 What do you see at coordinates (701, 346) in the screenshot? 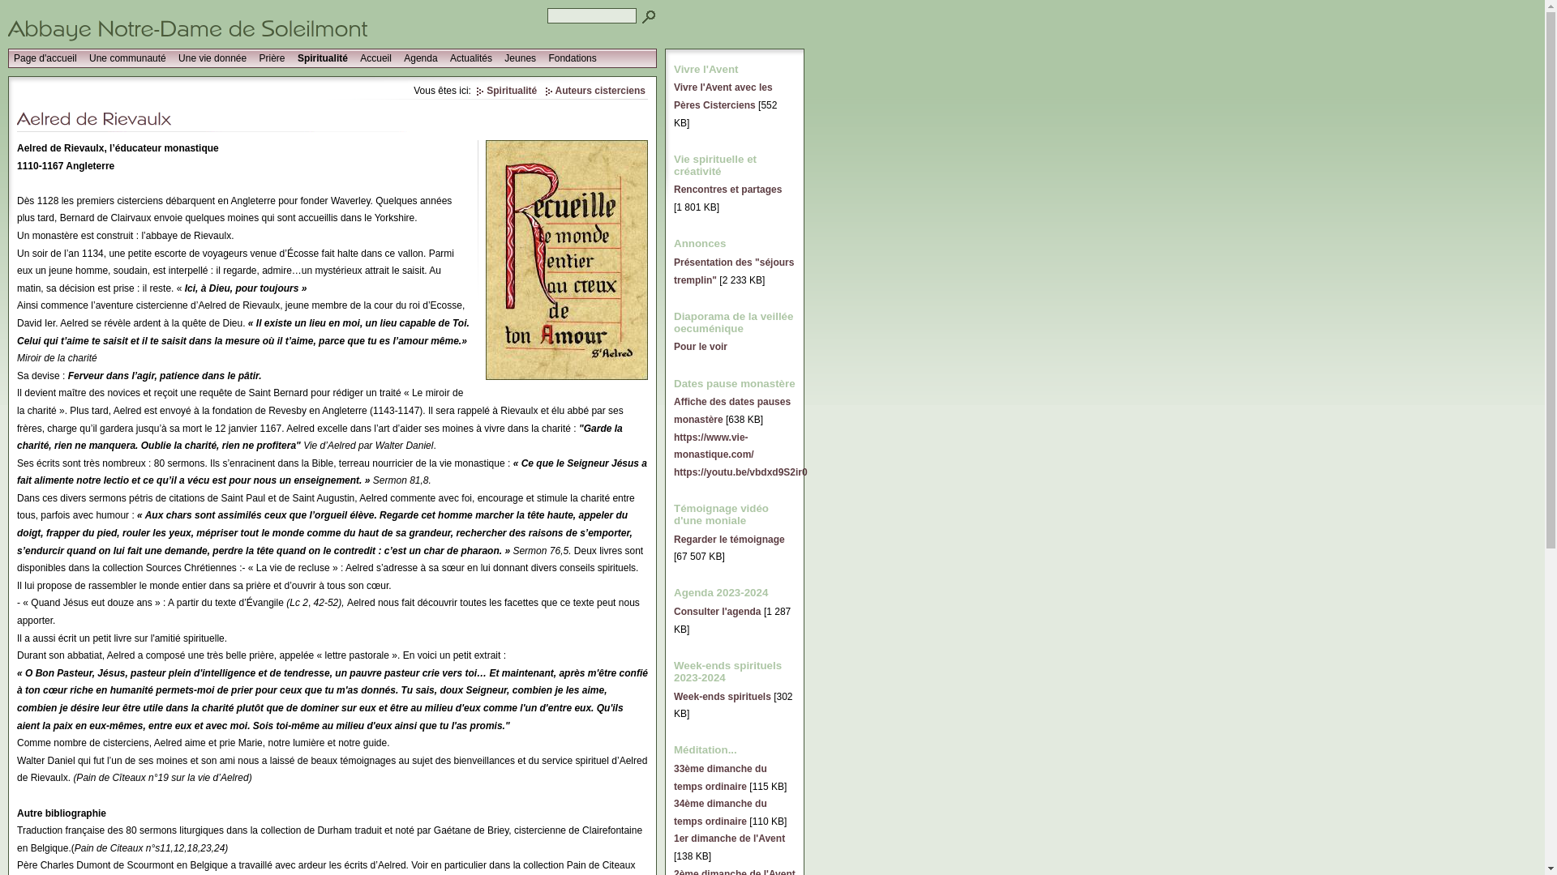
I see `'Pour le voir'` at bounding box center [701, 346].